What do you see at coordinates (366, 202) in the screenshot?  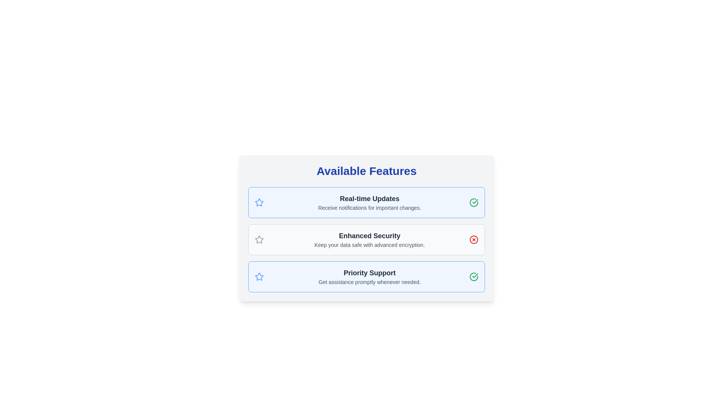 I see `the subtitle 'Receive notifications for important changes.' from the Feature Card titled 'Real-time Updates', which has a light-blue background and is the first item in the 'Available Features' list` at bounding box center [366, 202].